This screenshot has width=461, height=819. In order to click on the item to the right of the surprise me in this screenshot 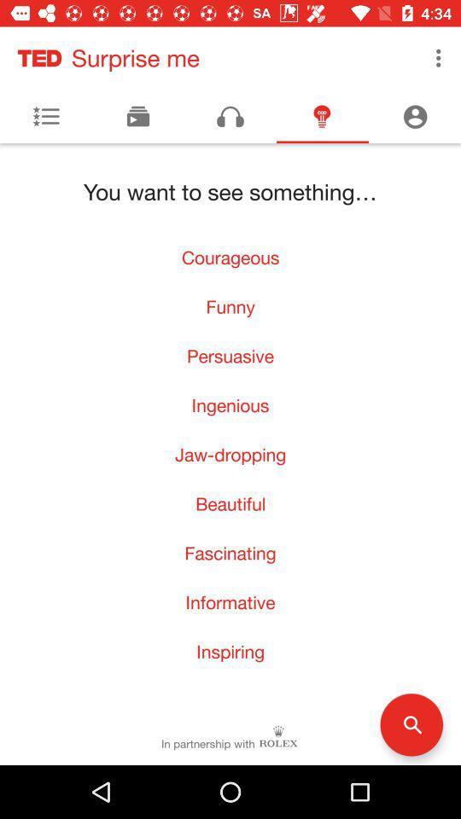, I will do `click(438, 58)`.